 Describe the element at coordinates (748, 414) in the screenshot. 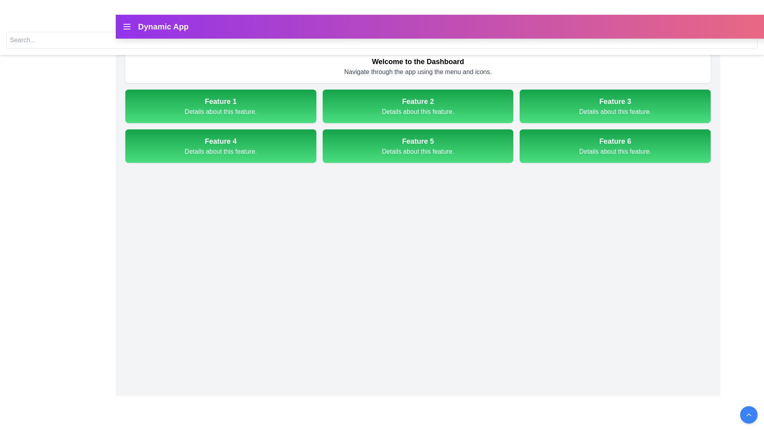

I see `the upward-pointing chevron icon located within a circular button at the bottom-right corner of the interface` at that location.